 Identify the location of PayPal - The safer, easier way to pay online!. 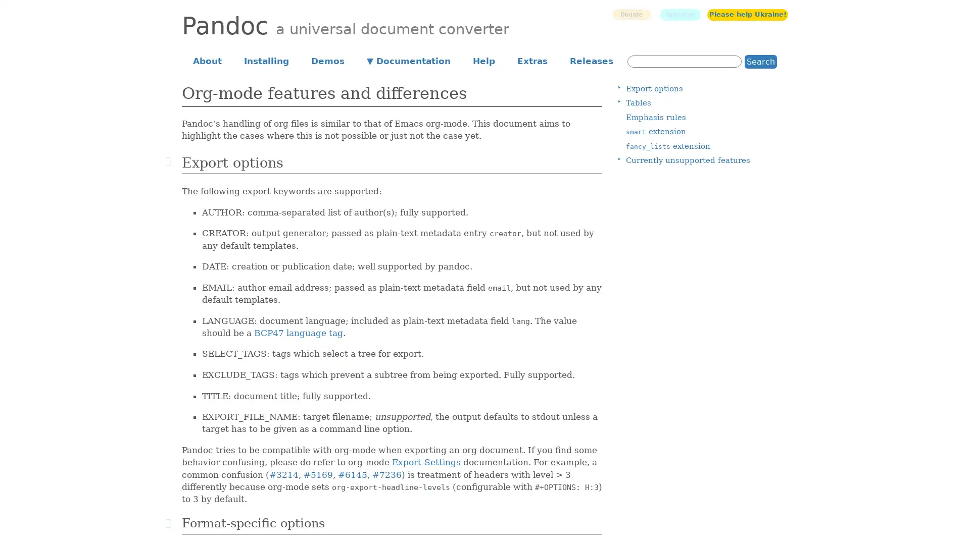
(630, 14).